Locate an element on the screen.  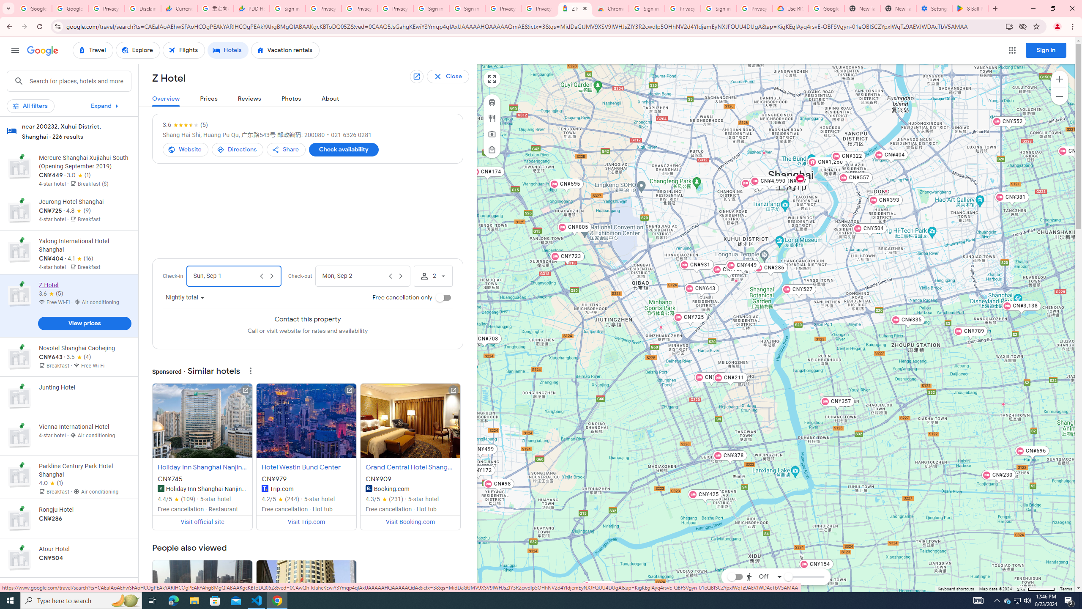
'View prices for Jeurong Hotel Shanghai' is located at coordinates (84, 240).